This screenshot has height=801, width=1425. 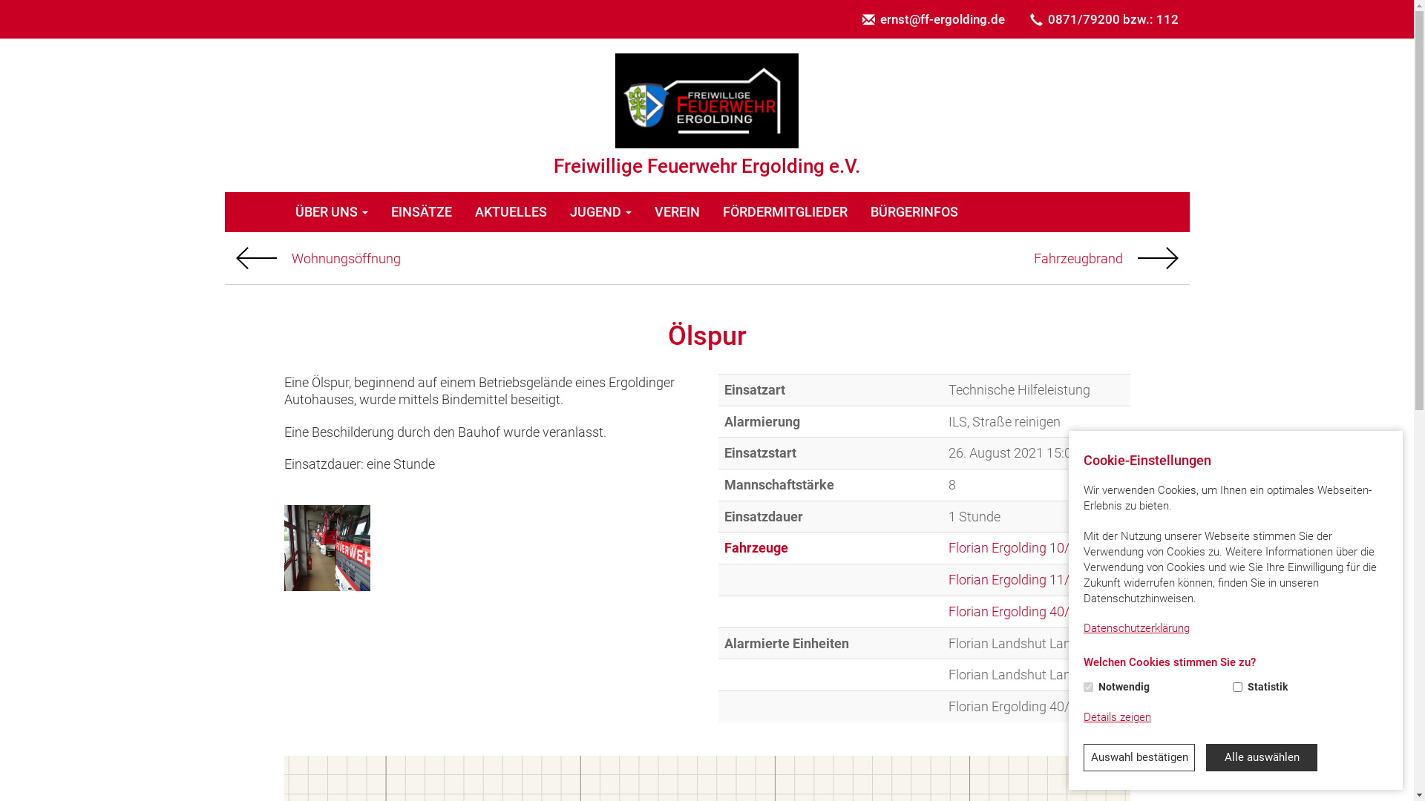 What do you see at coordinates (510, 211) in the screenshot?
I see `'AKTUELLES'` at bounding box center [510, 211].